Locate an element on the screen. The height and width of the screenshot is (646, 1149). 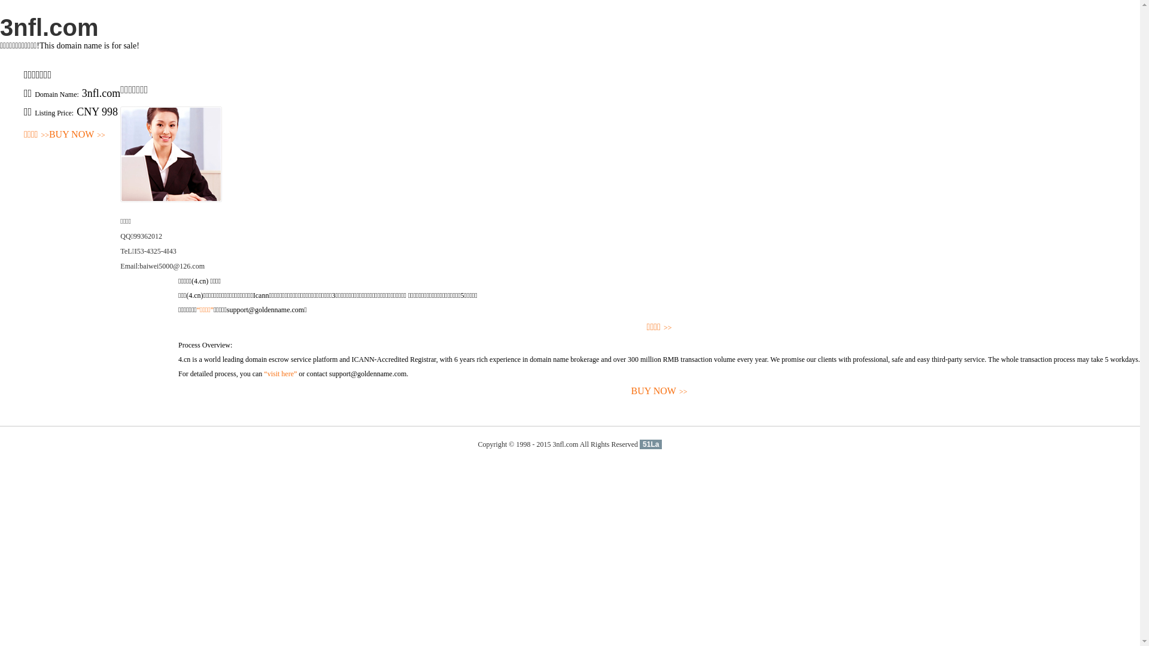
'51La' is located at coordinates (650, 444).